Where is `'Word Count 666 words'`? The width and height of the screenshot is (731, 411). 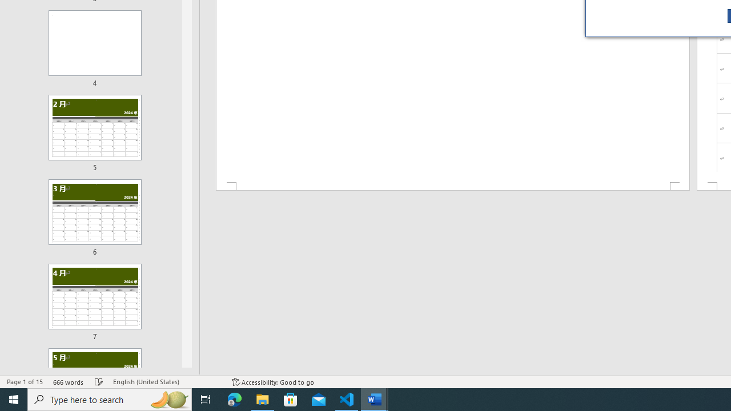 'Word Count 666 words' is located at coordinates (68, 382).